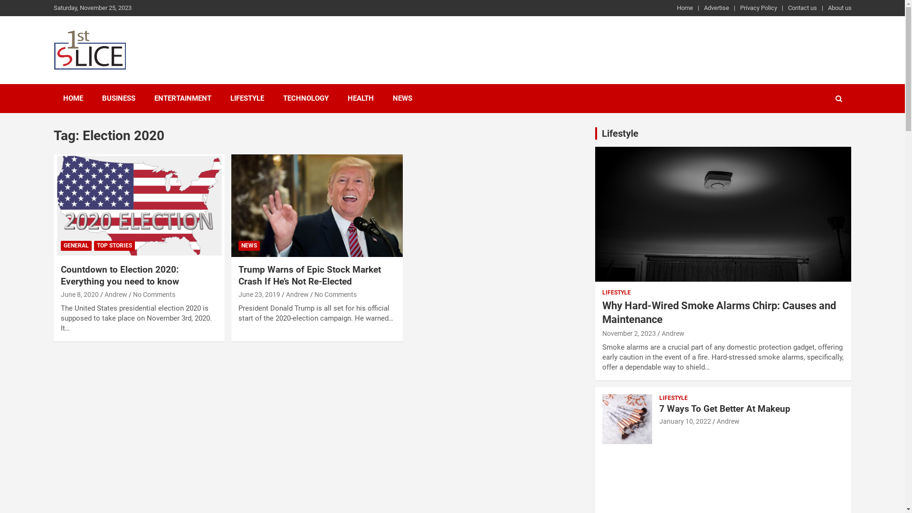 Image resolution: width=912 pixels, height=513 pixels. What do you see at coordinates (727, 421) in the screenshot?
I see `'Andrew'` at bounding box center [727, 421].